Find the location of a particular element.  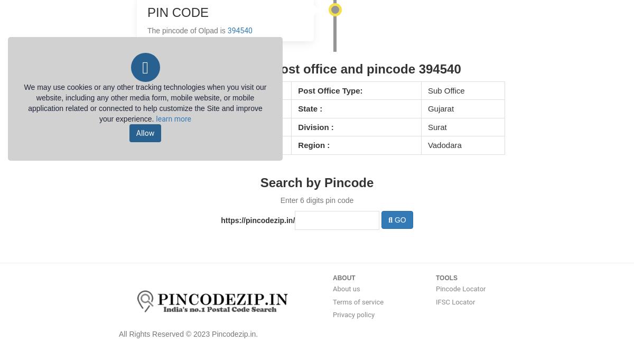

'Circle :' is located at coordinates (148, 145).